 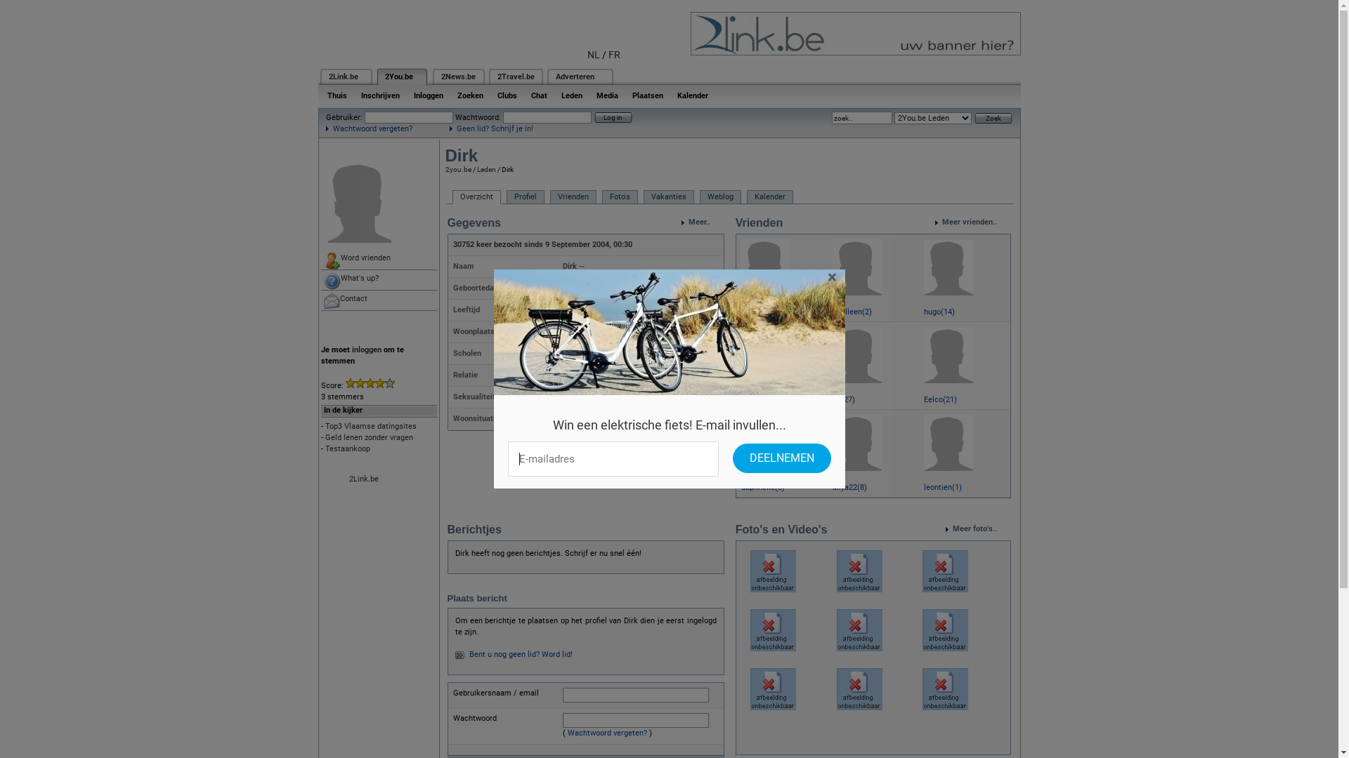 I want to click on 'Word vrienden', so click(x=378, y=260).